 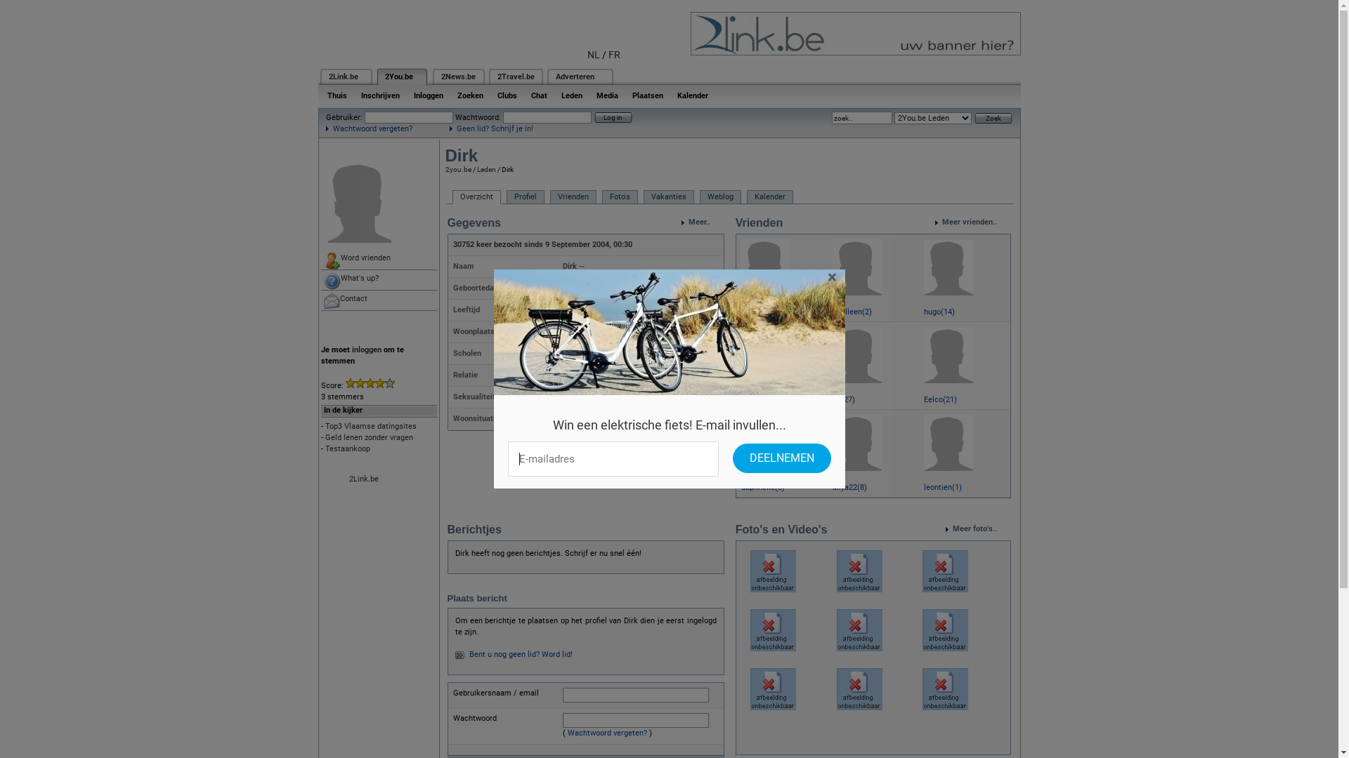 I want to click on 'Word vrienden', so click(x=378, y=260).